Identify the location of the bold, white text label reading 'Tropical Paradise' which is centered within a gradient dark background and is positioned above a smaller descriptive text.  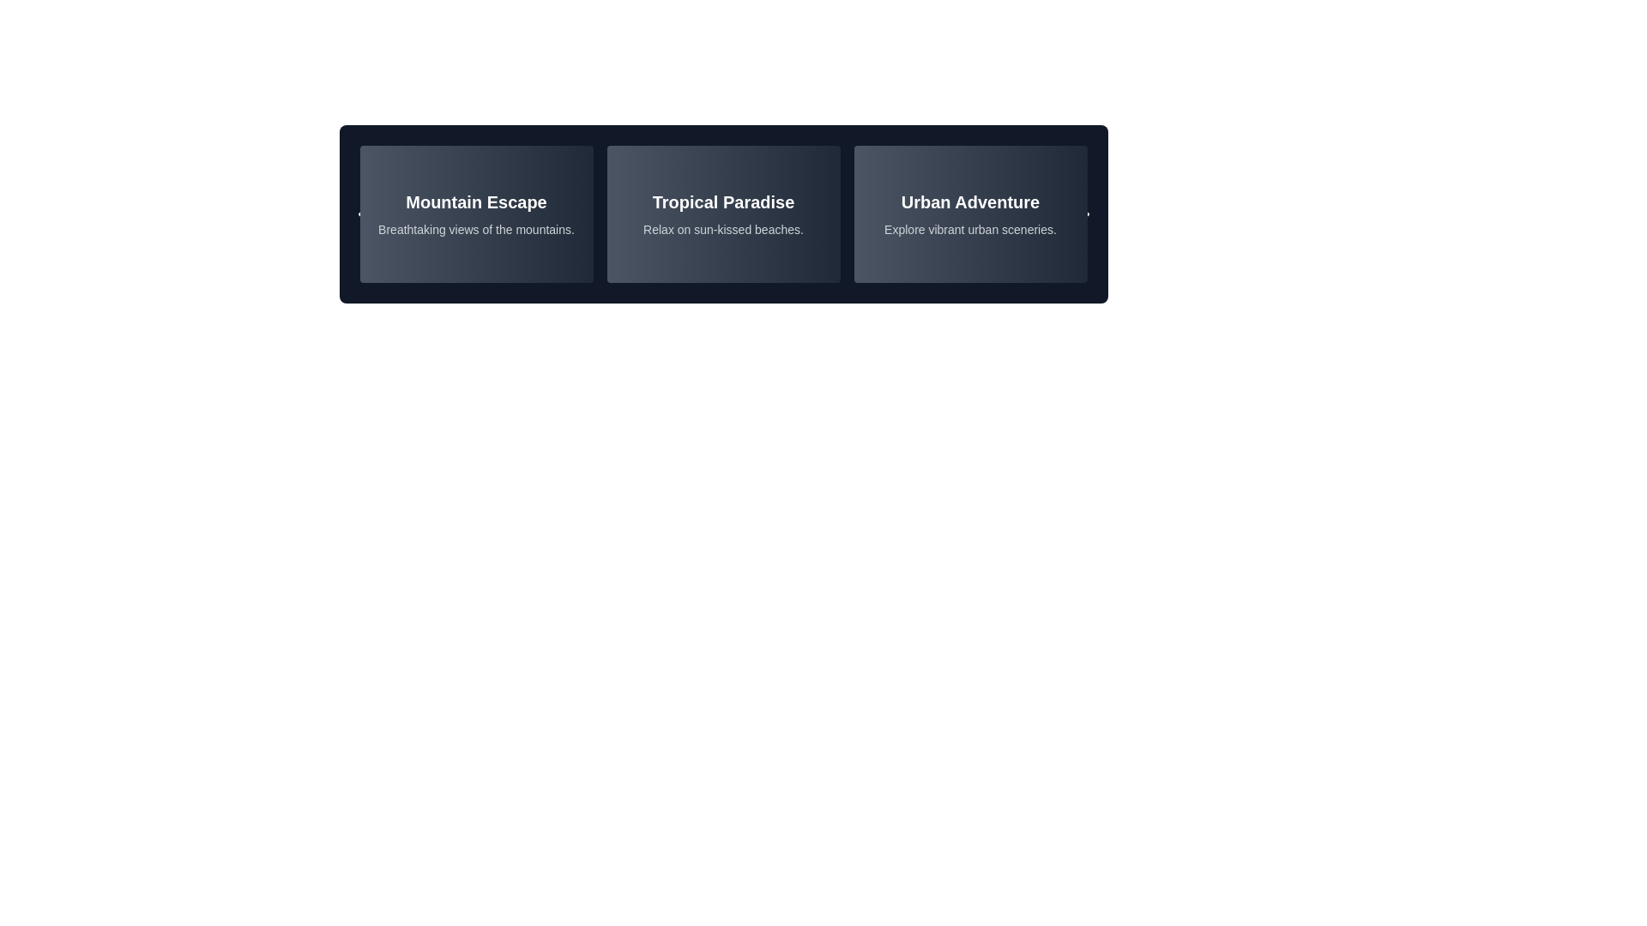
(723, 201).